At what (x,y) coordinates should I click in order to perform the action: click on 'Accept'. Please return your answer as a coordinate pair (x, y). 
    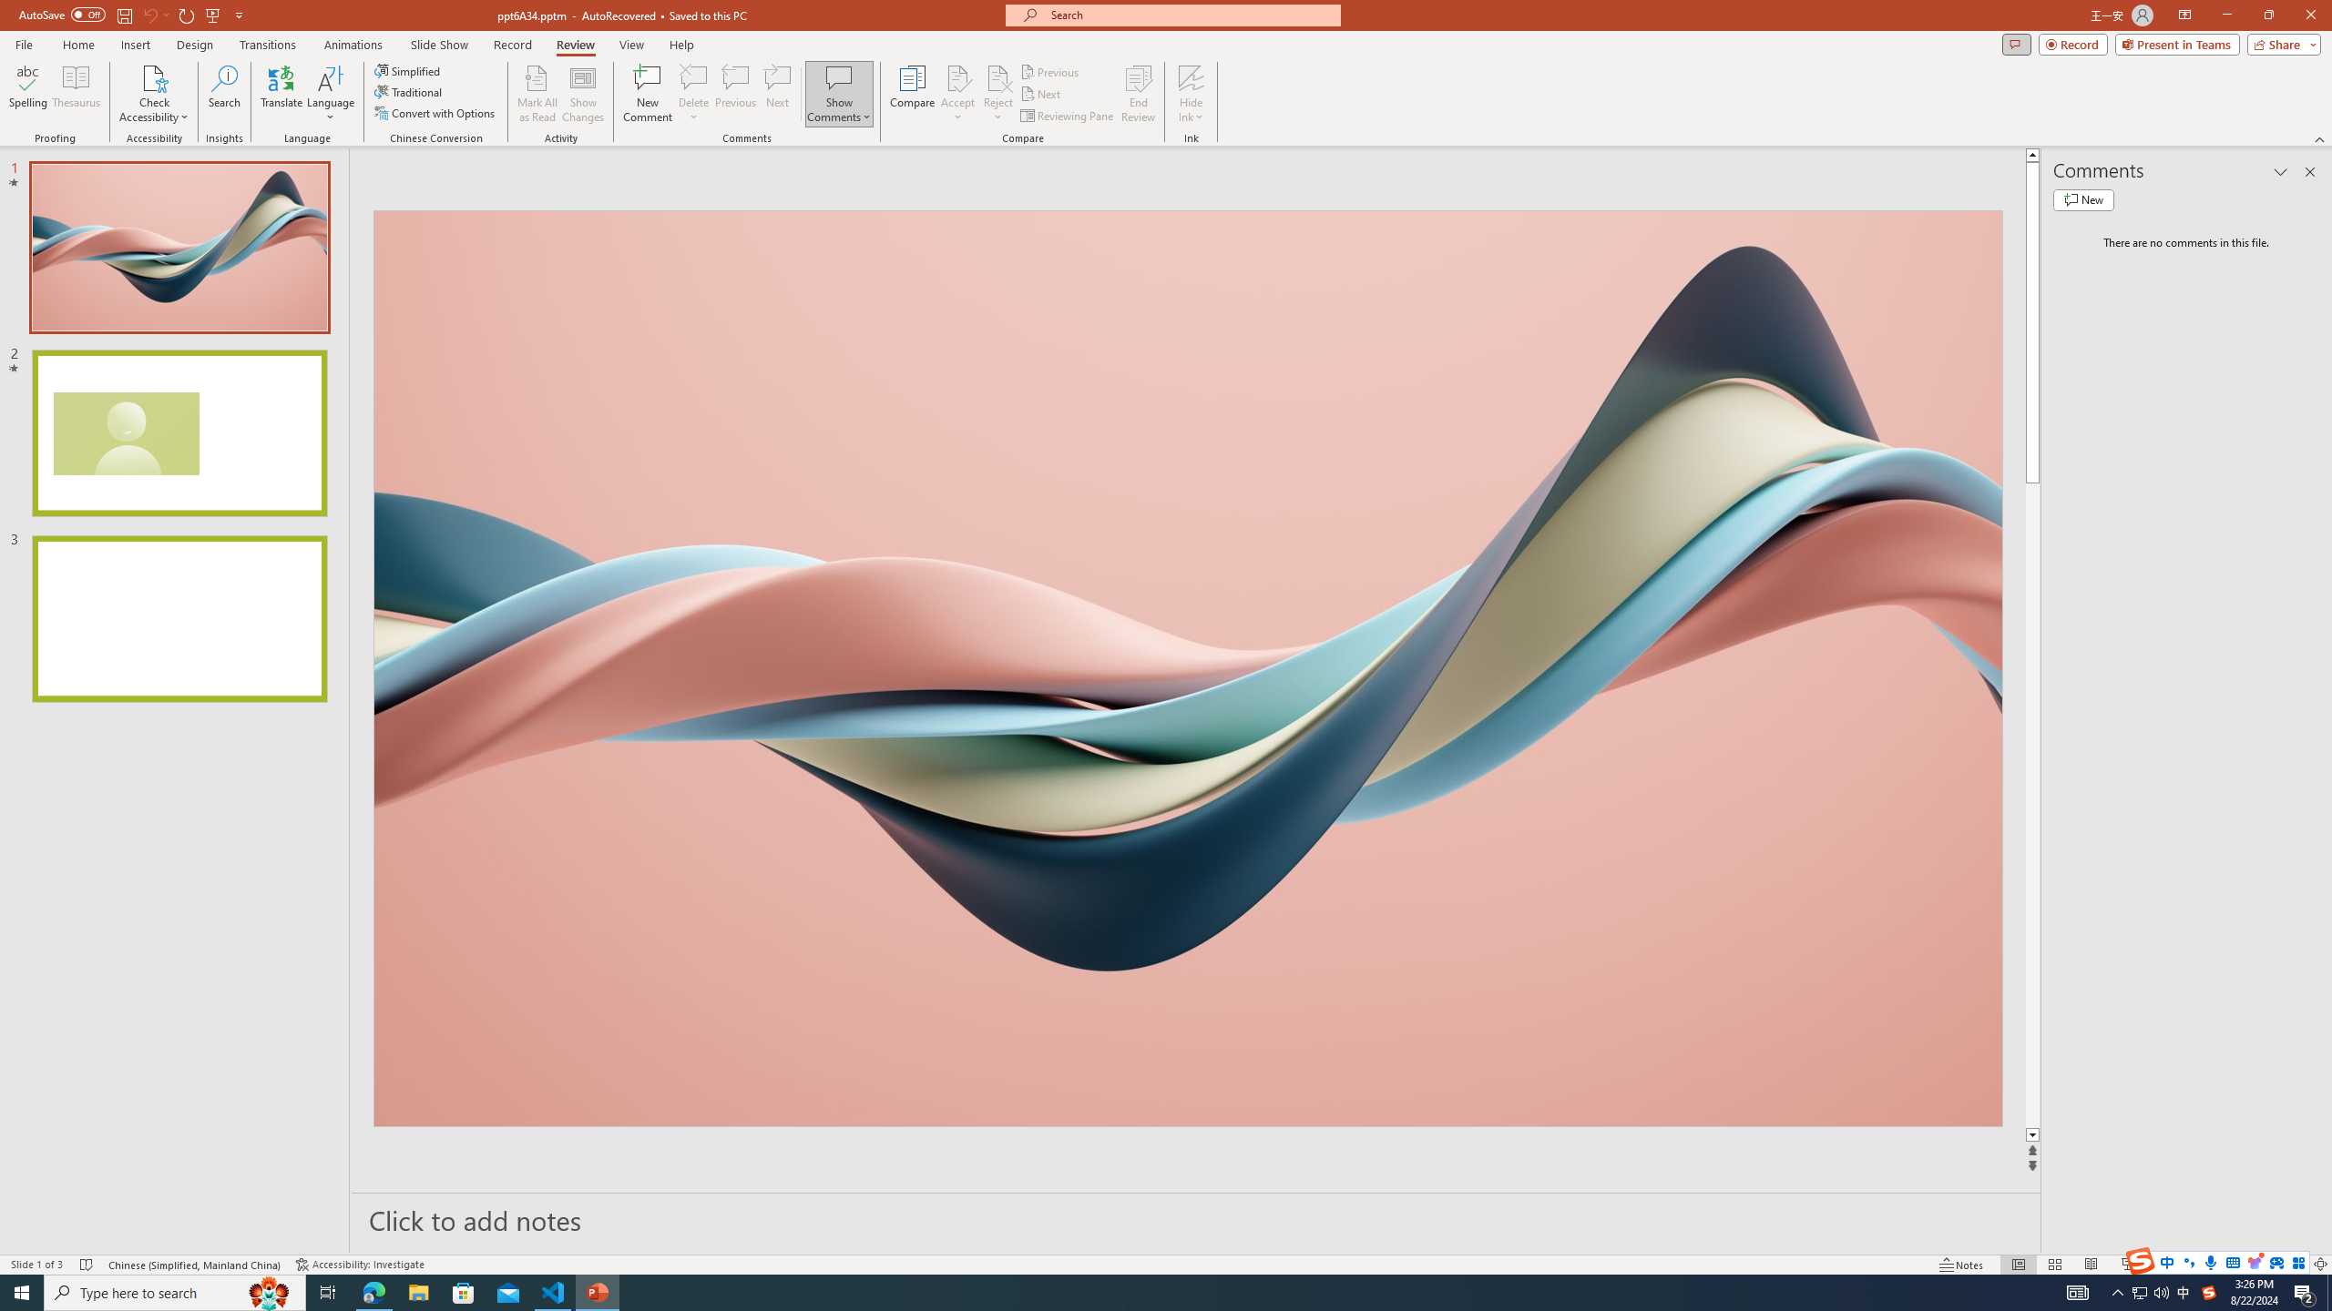
    Looking at the image, I should click on (957, 94).